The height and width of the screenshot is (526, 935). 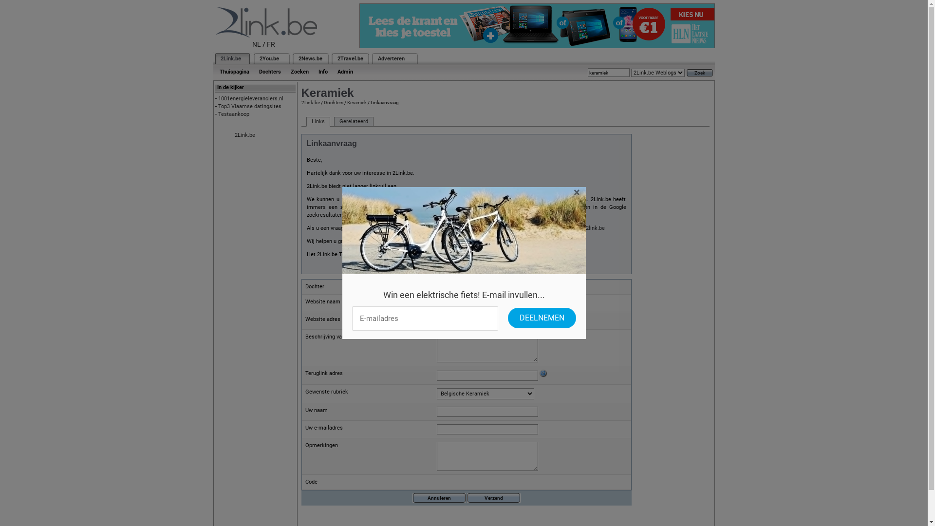 I want to click on 'Admin', so click(x=345, y=71).